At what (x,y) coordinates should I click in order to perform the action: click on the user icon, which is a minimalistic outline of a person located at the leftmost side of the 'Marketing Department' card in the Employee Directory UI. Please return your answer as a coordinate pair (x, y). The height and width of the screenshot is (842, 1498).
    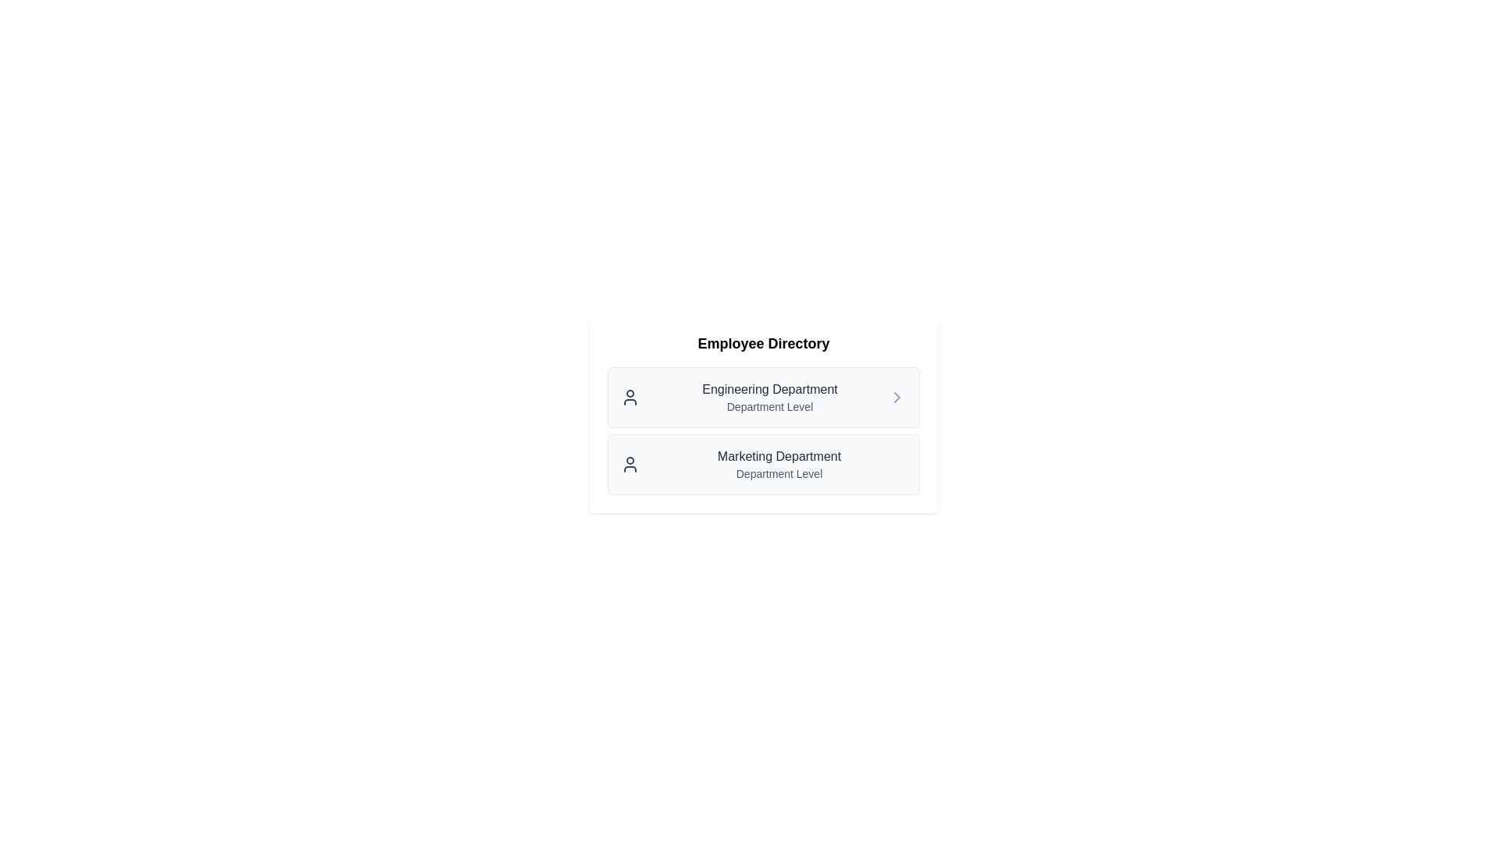
    Looking at the image, I should click on (630, 464).